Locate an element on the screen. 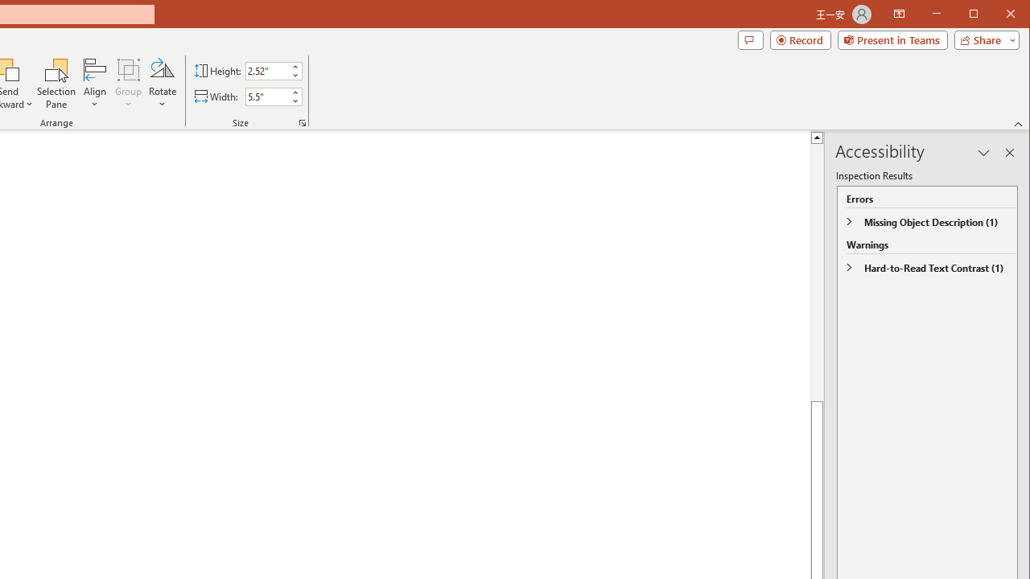 Image resolution: width=1030 pixels, height=579 pixels. 'Maximize' is located at coordinates (996, 15).